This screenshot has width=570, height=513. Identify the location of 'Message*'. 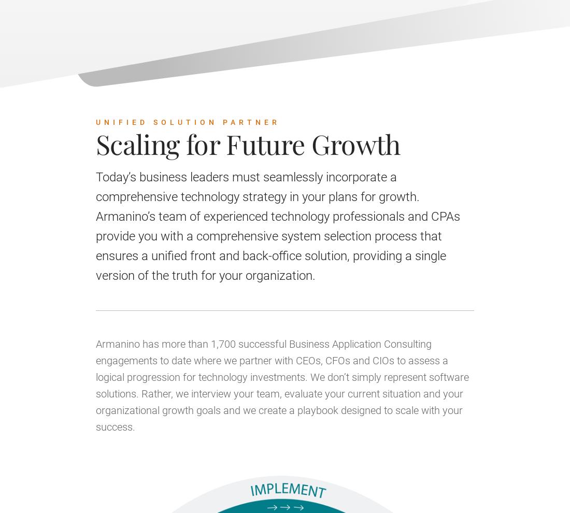
(363, 418).